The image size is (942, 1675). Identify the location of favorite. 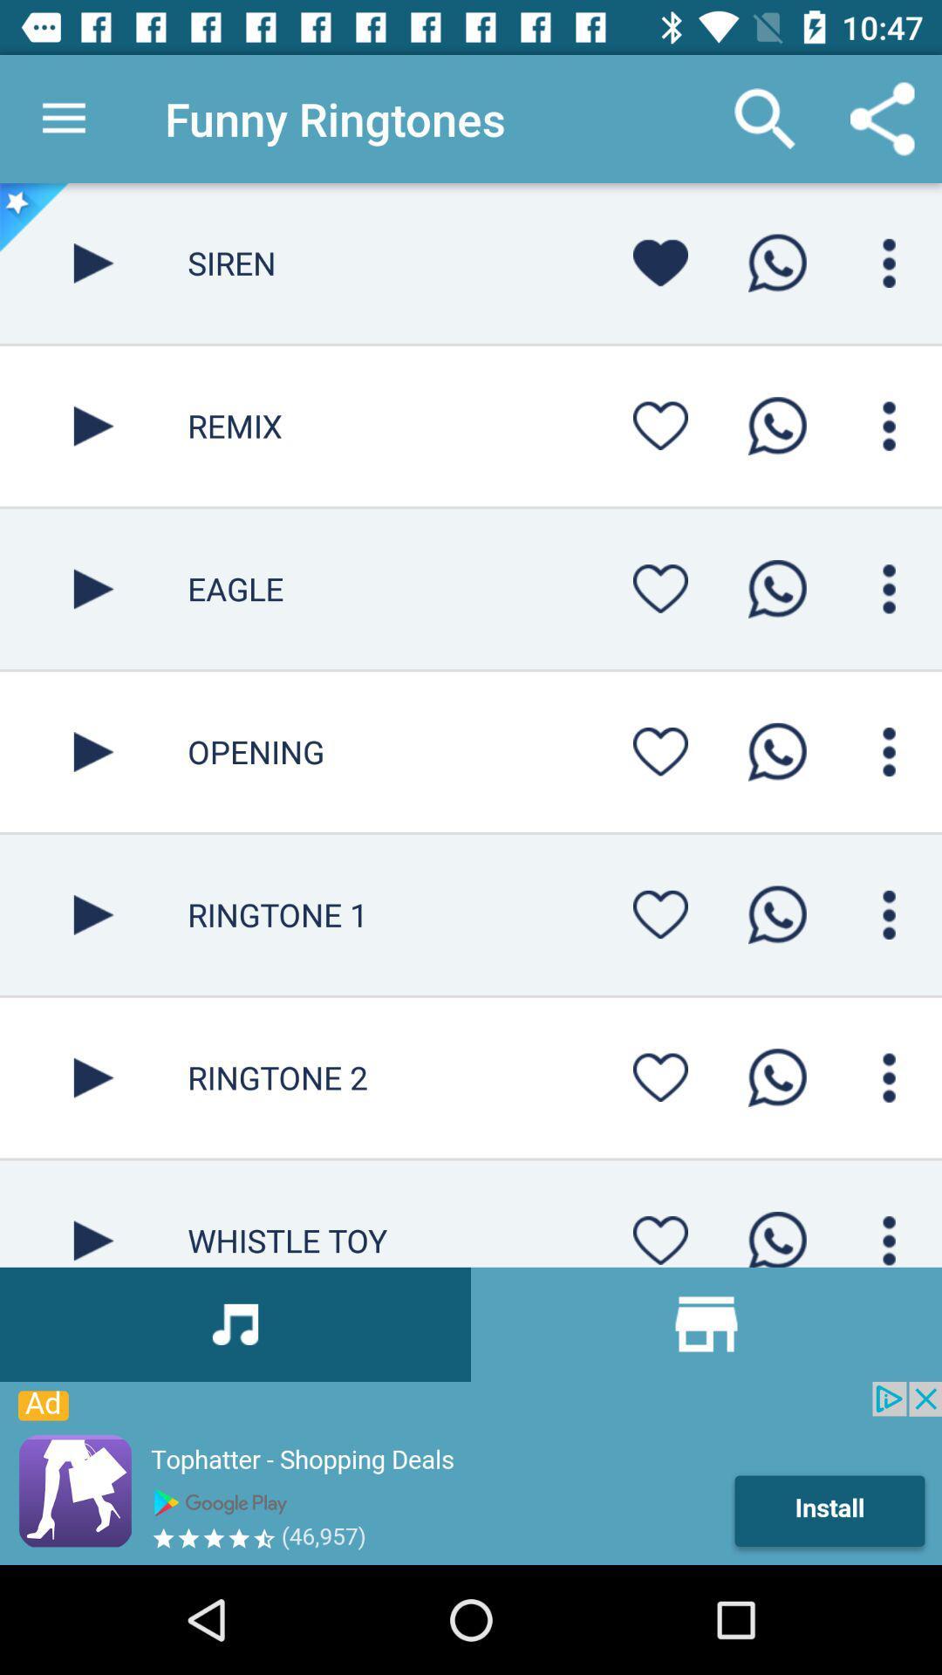
(660, 751).